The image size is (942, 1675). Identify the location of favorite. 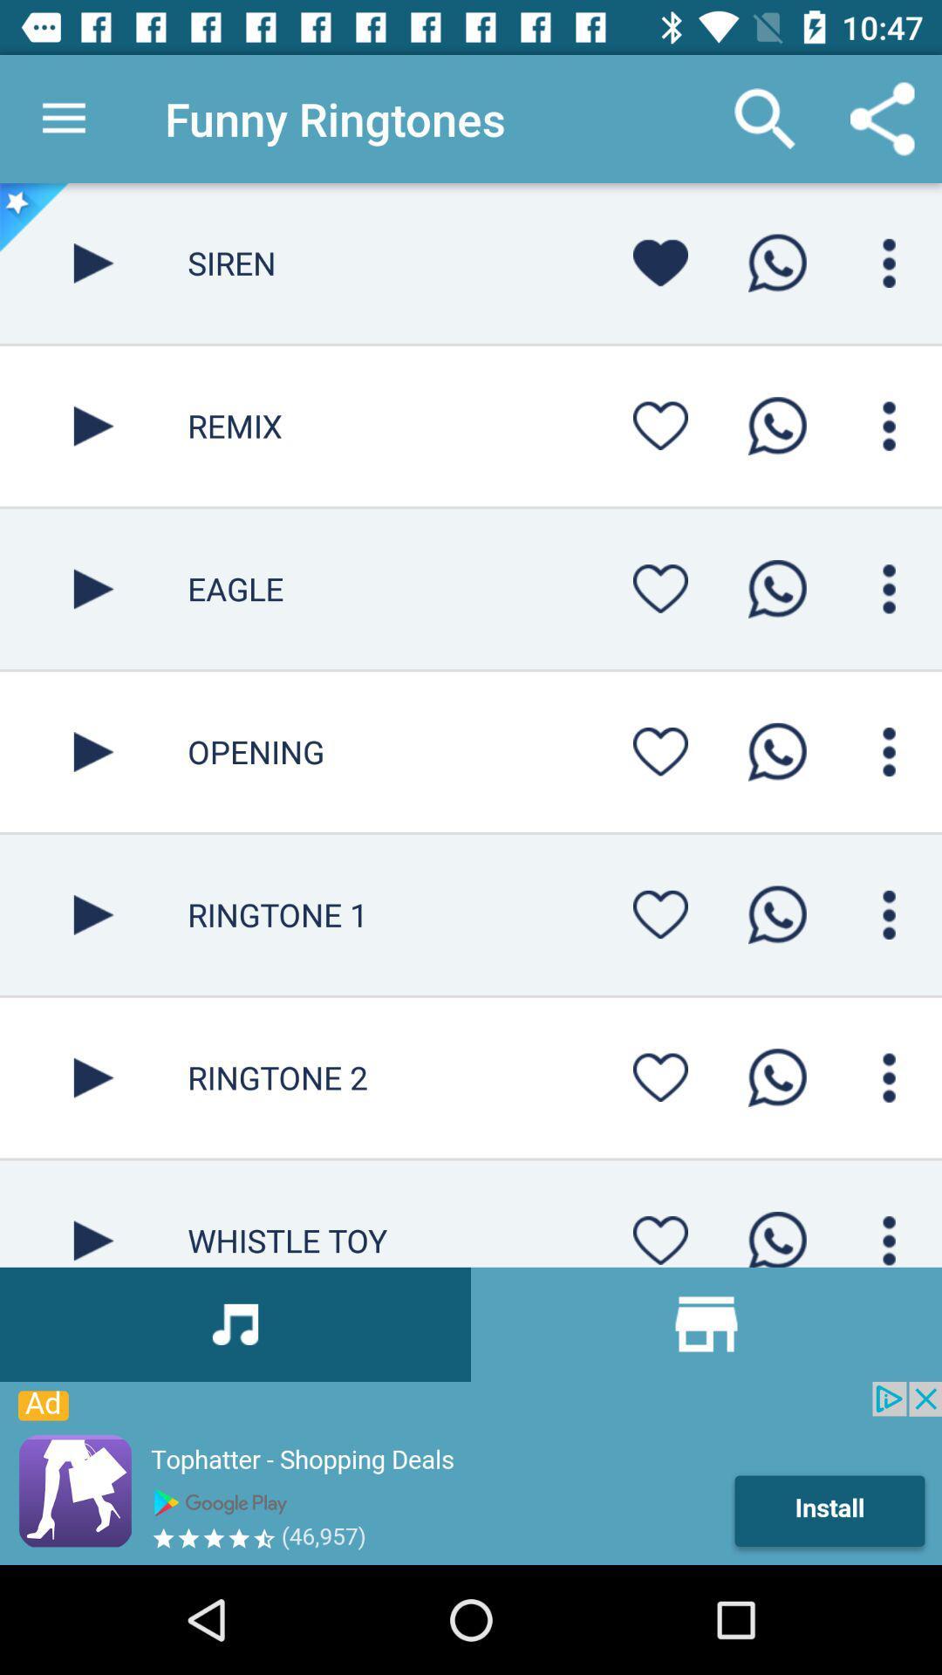
(660, 751).